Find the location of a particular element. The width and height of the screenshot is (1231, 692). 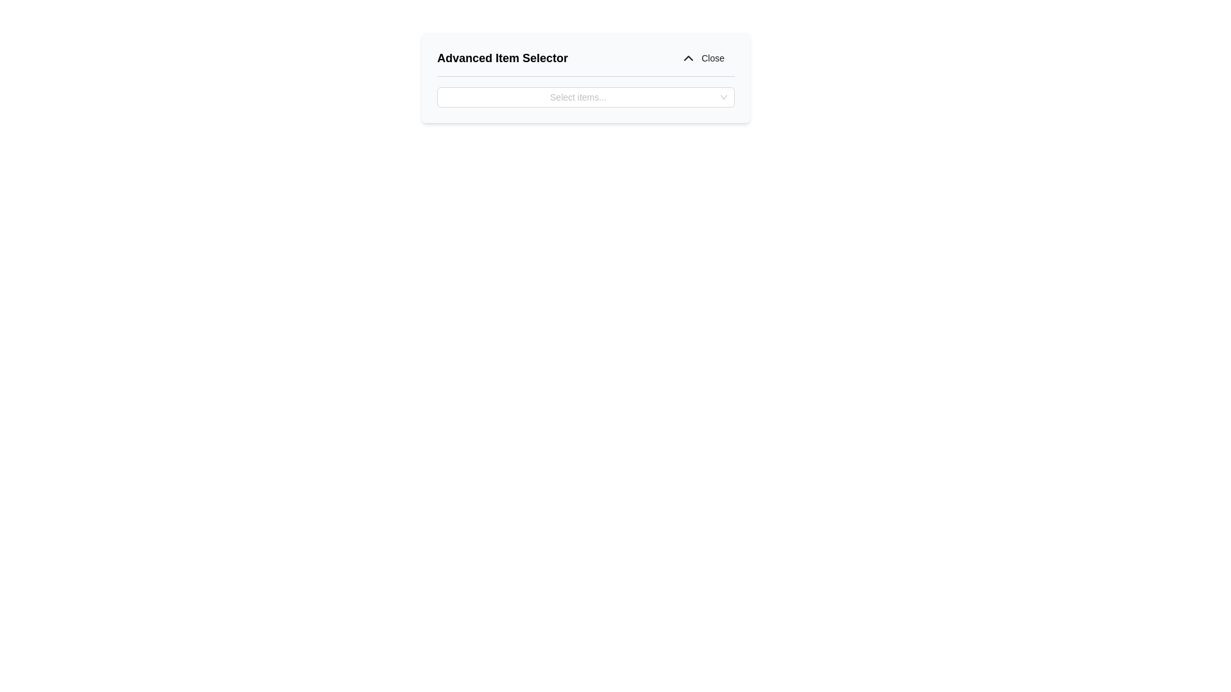

options from the 'Select items...' dropdown menu featuring multi-select and search capabilities located below the 'Advanced Item Selector' header is located at coordinates (585, 96).